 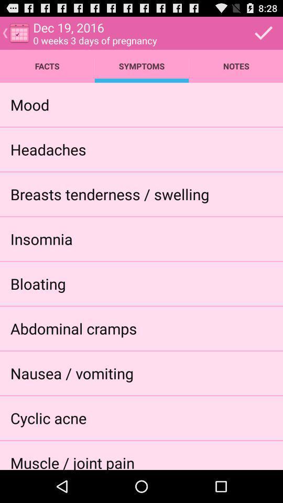 What do you see at coordinates (263, 33) in the screenshot?
I see `the select icon at the top` at bounding box center [263, 33].